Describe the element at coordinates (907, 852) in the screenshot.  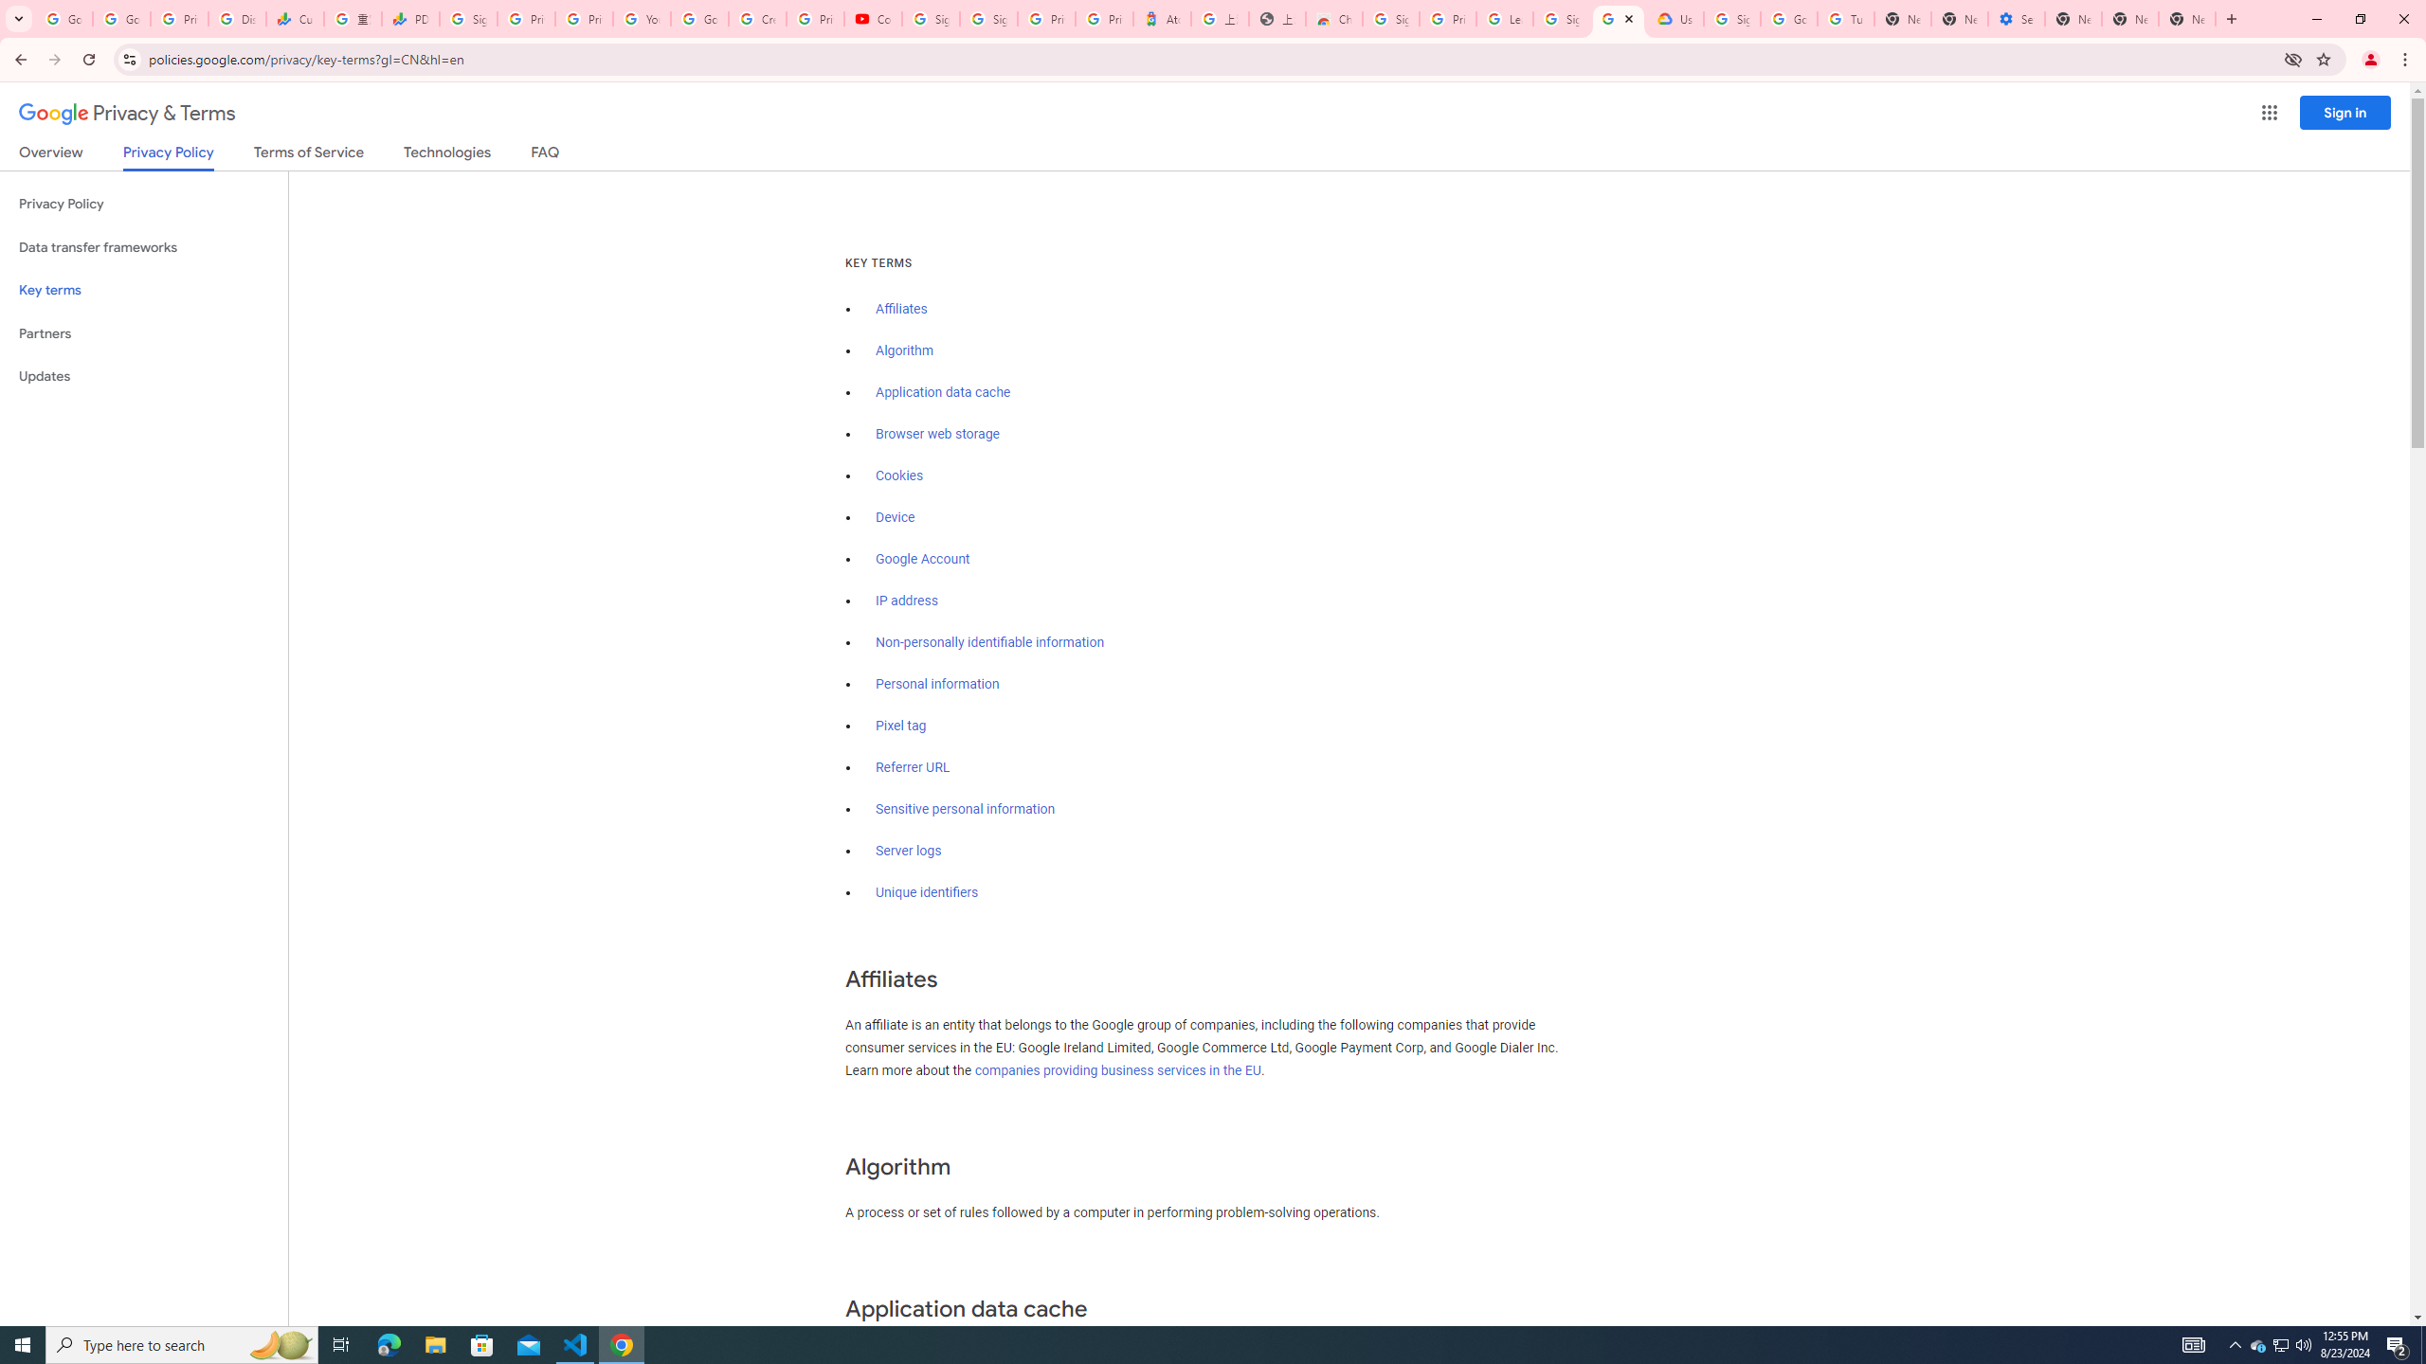
I see `'Server logs'` at that location.